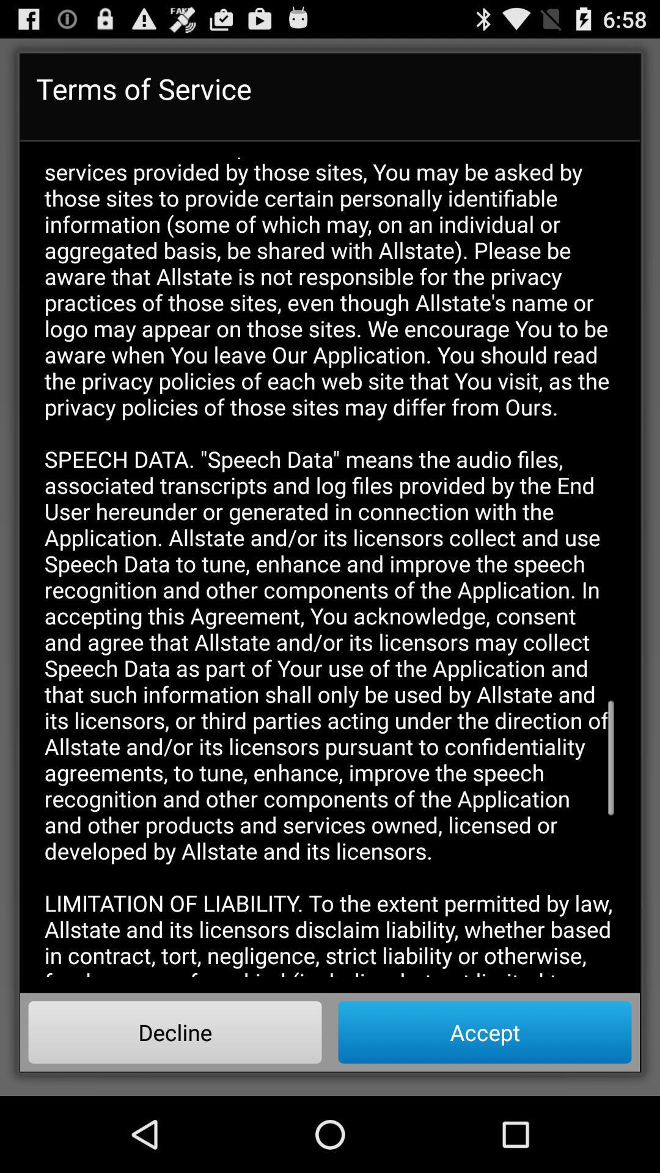  Describe the element at coordinates (484, 1031) in the screenshot. I see `button to the right of the decline item` at that location.